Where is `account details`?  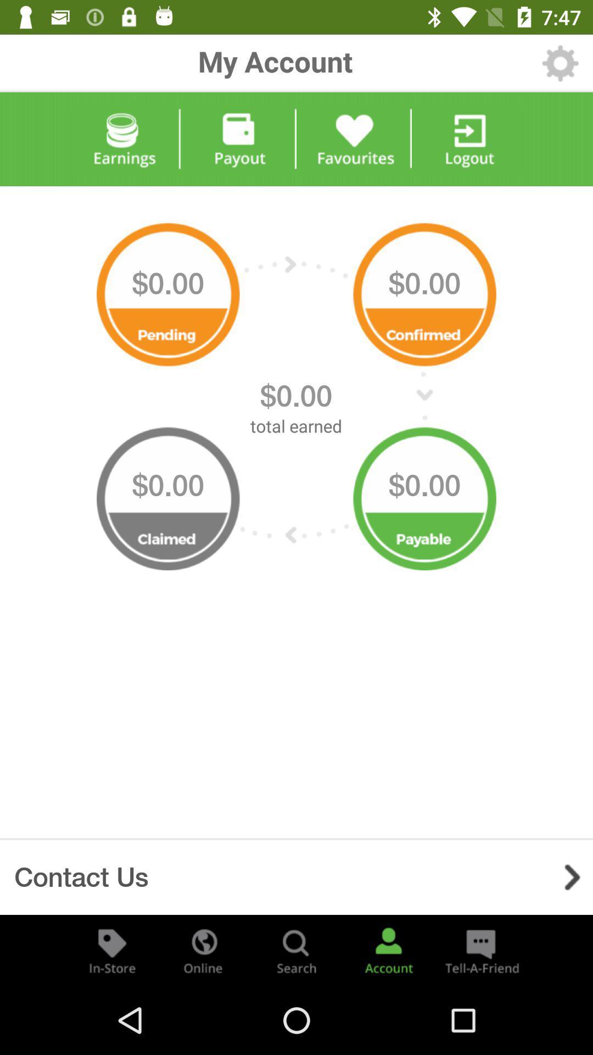 account details is located at coordinates (388, 949).